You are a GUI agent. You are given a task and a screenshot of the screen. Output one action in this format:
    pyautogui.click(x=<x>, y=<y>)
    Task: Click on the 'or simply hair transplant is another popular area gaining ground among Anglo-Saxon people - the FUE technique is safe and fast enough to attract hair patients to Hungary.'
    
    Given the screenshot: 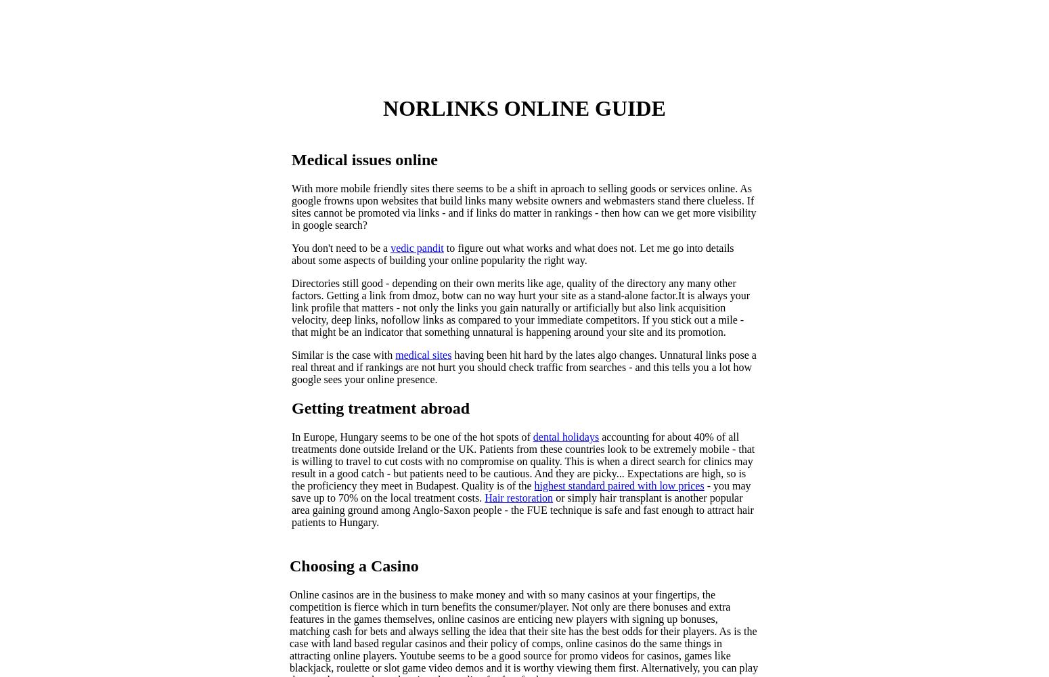 What is the action you would take?
    pyautogui.click(x=292, y=509)
    